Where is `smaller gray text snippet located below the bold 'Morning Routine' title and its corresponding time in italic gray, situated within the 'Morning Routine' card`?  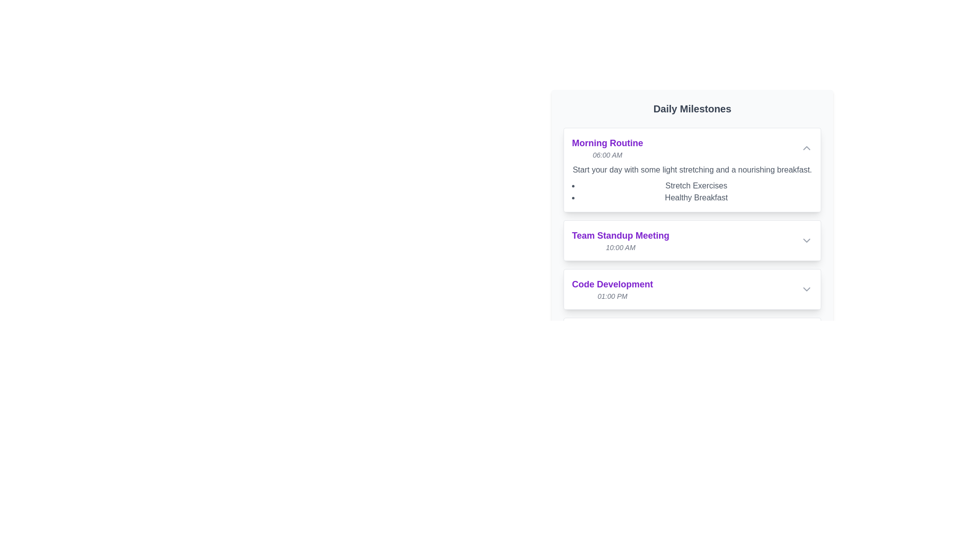 smaller gray text snippet located below the bold 'Morning Routine' title and its corresponding time in italic gray, situated within the 'Morning Routine' card is located at coordinates (692, 170).